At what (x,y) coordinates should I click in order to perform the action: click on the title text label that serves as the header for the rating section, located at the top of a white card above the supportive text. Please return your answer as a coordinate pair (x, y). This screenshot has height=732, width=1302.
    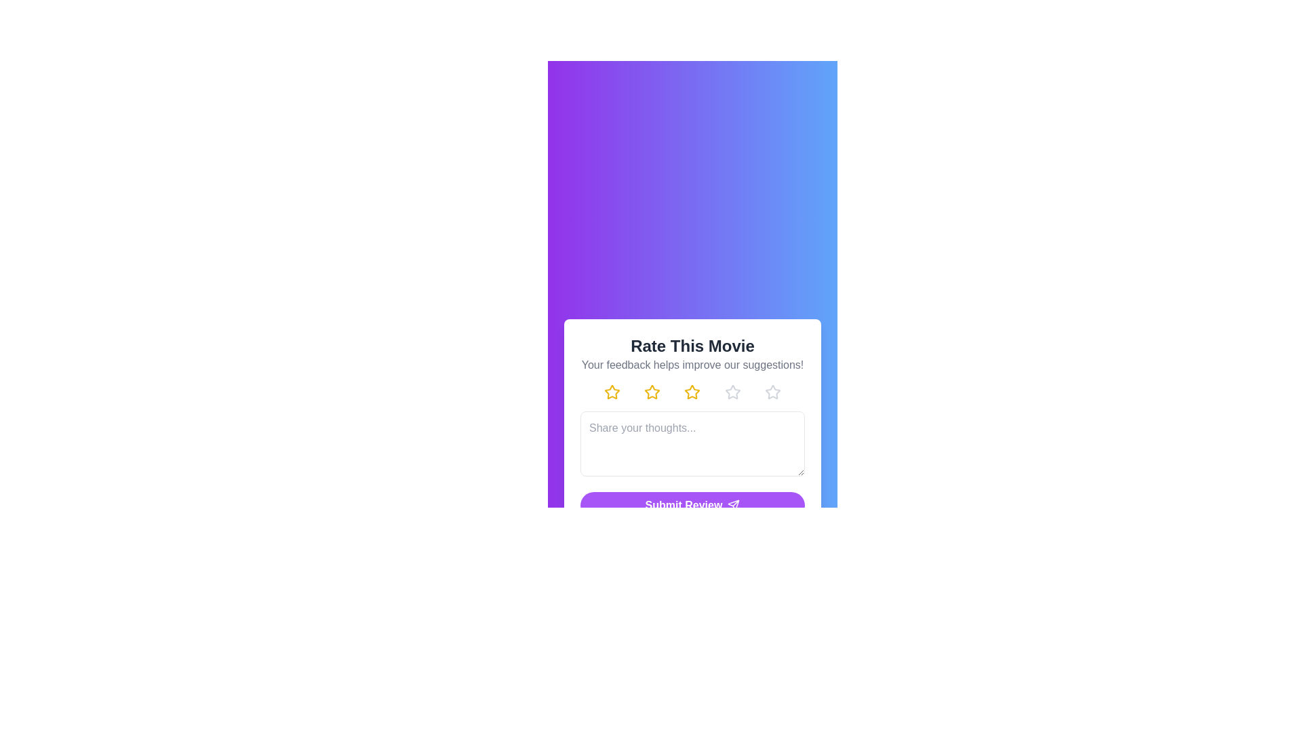
    Looking at the image, I should click on (692, 345).